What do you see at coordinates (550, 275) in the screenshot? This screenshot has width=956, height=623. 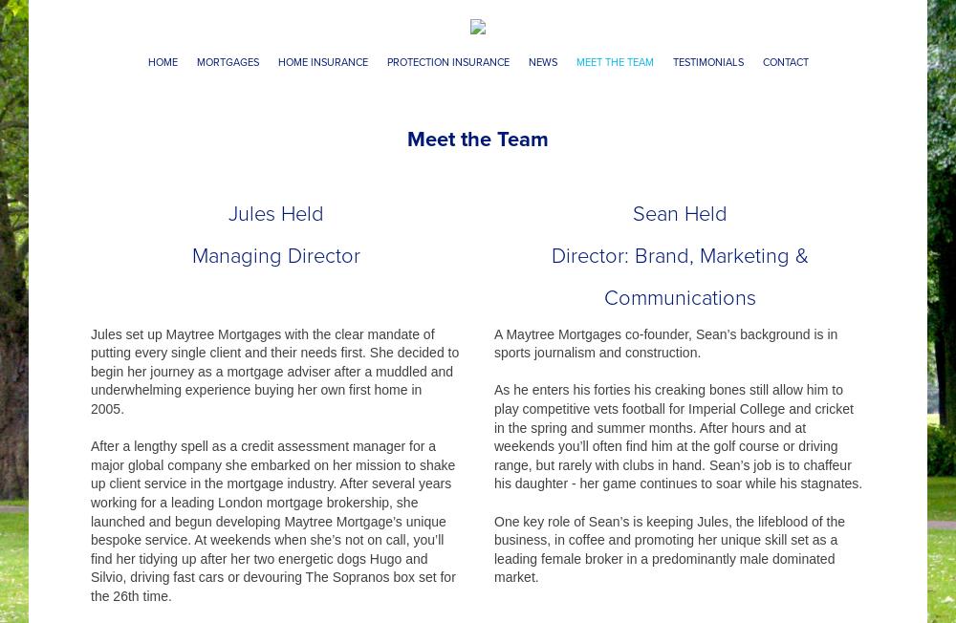 I see `'Director: Brand, Marketing & Communications'` at bounding box center [550, 275].